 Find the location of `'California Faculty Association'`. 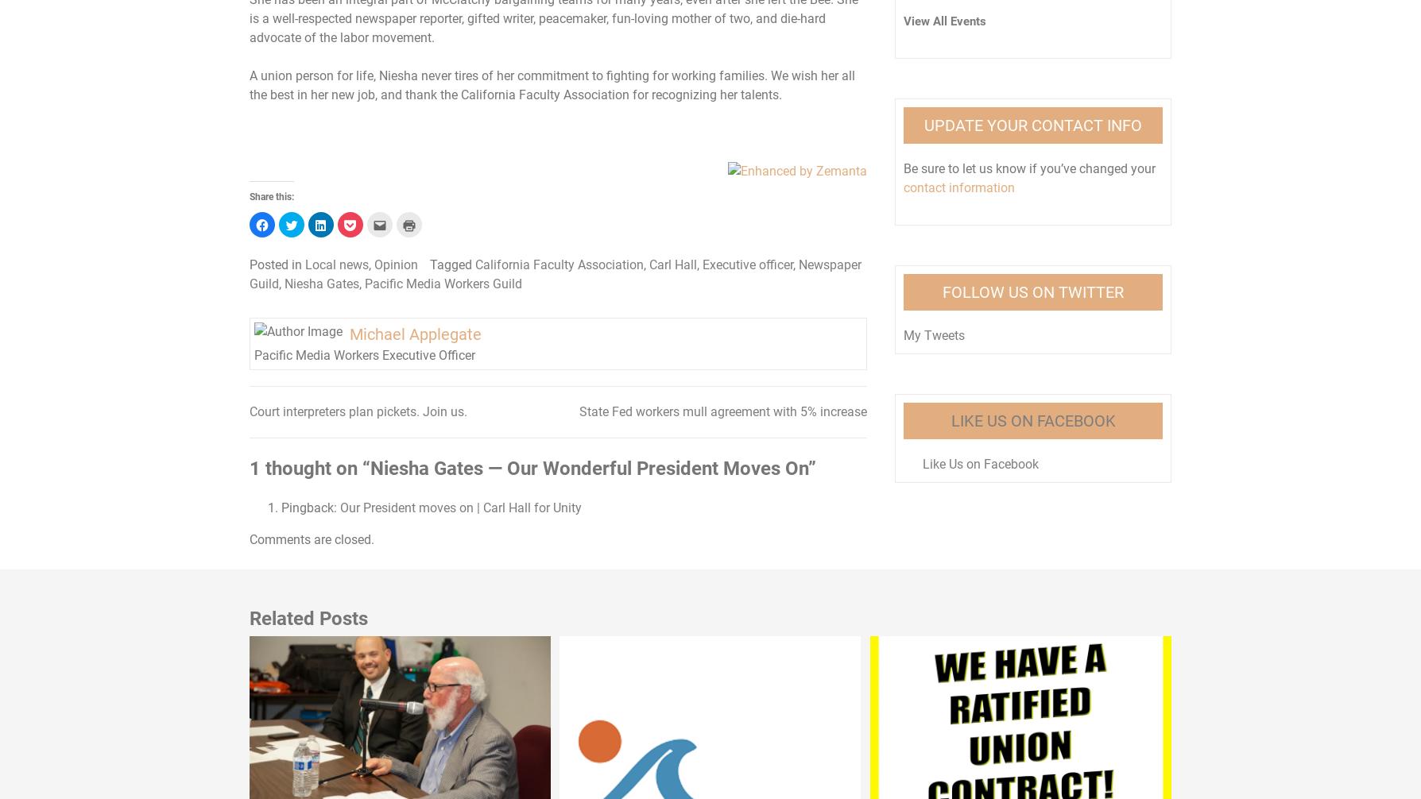

'California Faculty Association' is located at coordinates (475, 264).